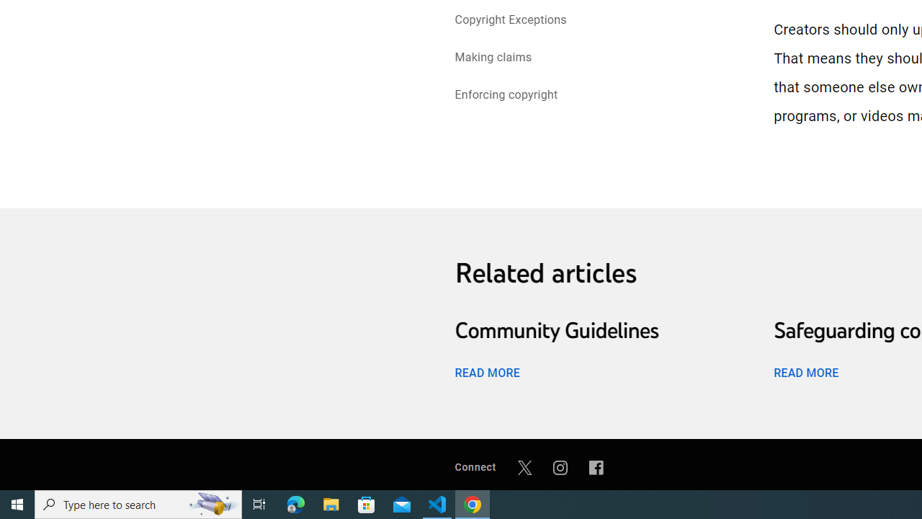 The image size is (922, 519). Describe the element at coordinates (524, 467) in the screenshot. I see `'Twitter'` at that location.